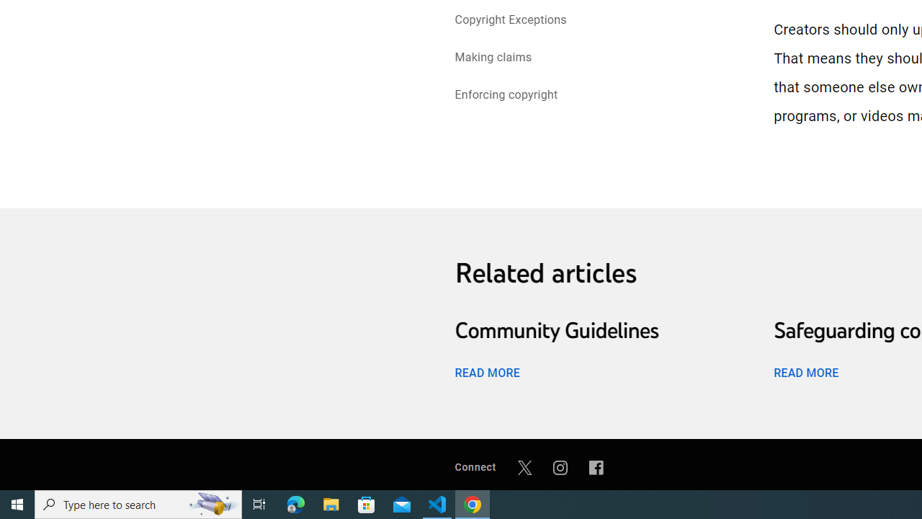 The image size is (922, 519). Describe the element at coordinates (524, 467) in the screenshot. I see `'Twitter'` at that location.